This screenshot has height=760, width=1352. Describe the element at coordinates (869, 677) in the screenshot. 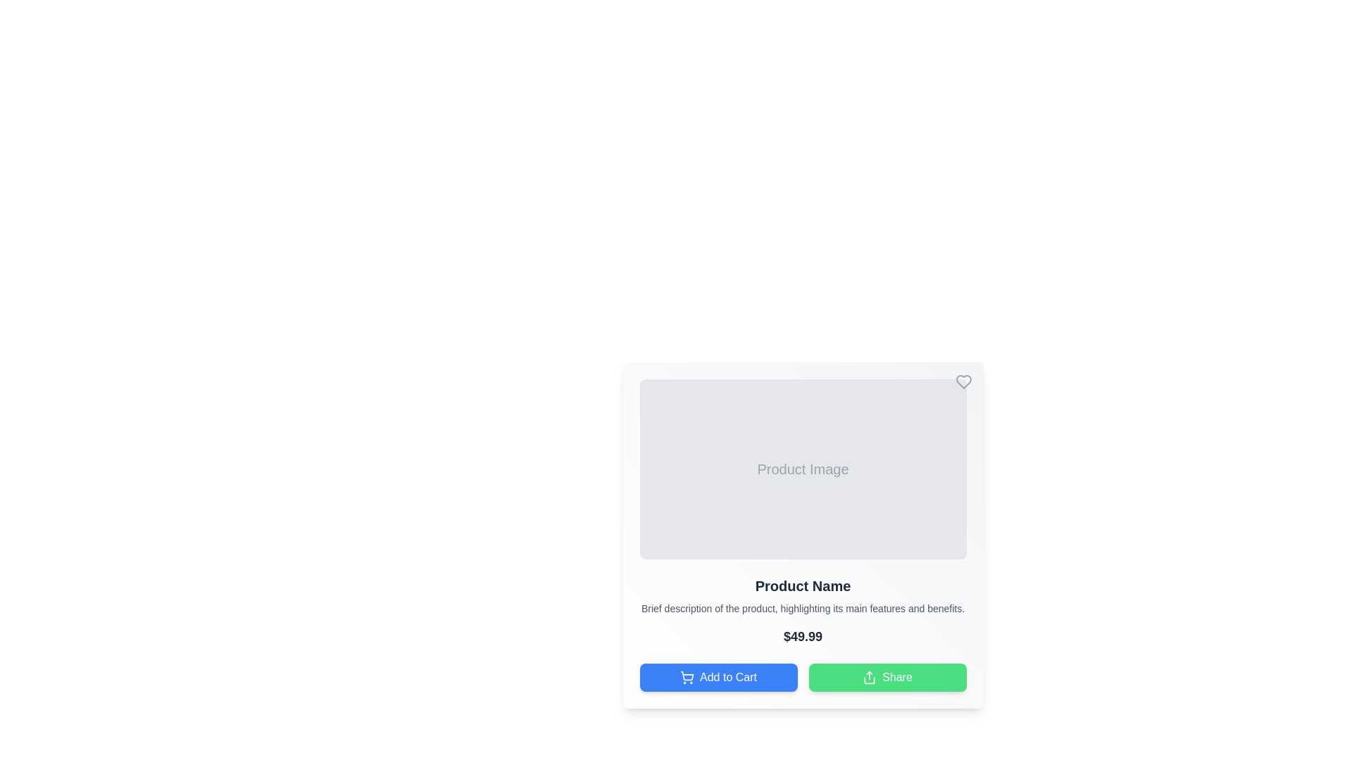

I see `the share icon located to the left of the text 'Share' within the green rectangular button labeled 'Share' at the bottom-right corner of the product card to initiate the sharing functionality` at that location.